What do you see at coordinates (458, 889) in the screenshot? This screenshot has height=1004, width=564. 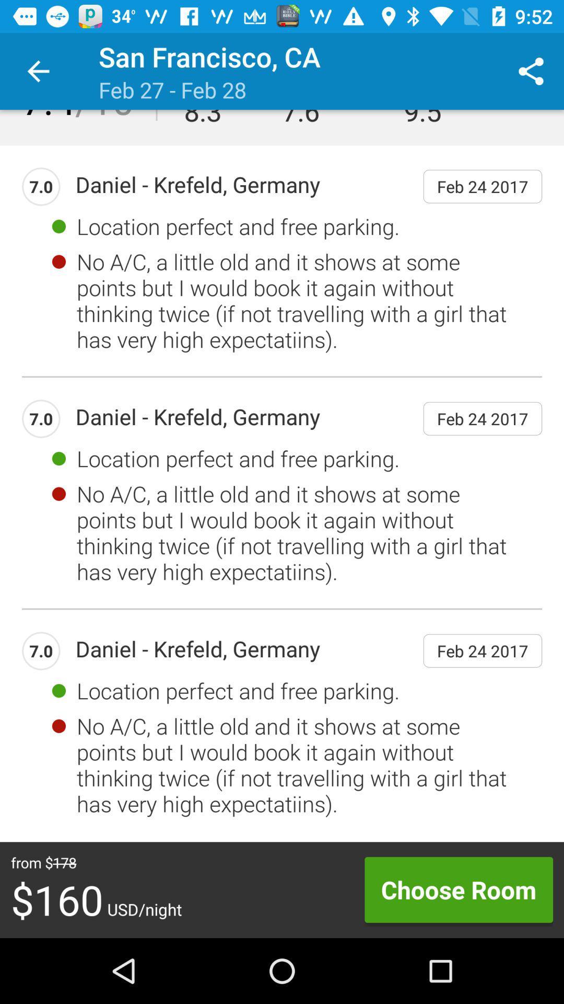 I see `choose room icon` at bounding box center [458, 889].